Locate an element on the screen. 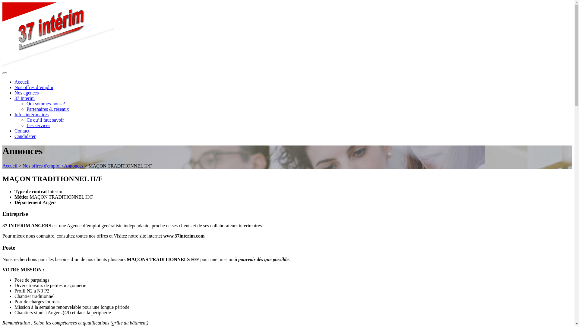 This screenshot has height=326, width=579. 'Candidater' is located at coordinates (24, 136).